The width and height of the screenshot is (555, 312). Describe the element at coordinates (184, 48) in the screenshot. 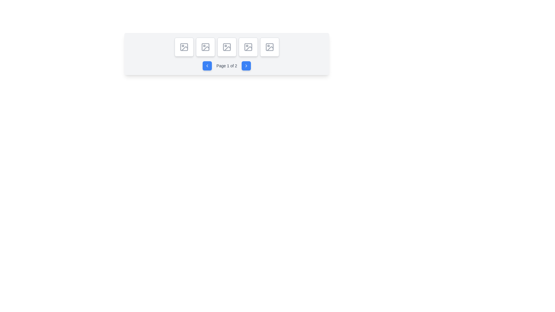

I see `the decorative graphical component, which is a diagonal line shape within the SVG, located in the bottom right corner of the placeholder icon in the first position of the horizontal row of icons` at that location.